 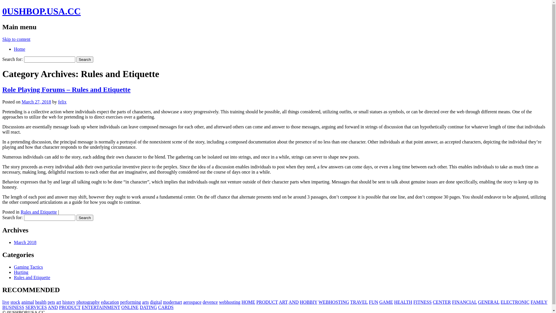 What do you see at coordinates (172, 302) in the screenshot?
I see `'e'` at bounding box center [172, 302].